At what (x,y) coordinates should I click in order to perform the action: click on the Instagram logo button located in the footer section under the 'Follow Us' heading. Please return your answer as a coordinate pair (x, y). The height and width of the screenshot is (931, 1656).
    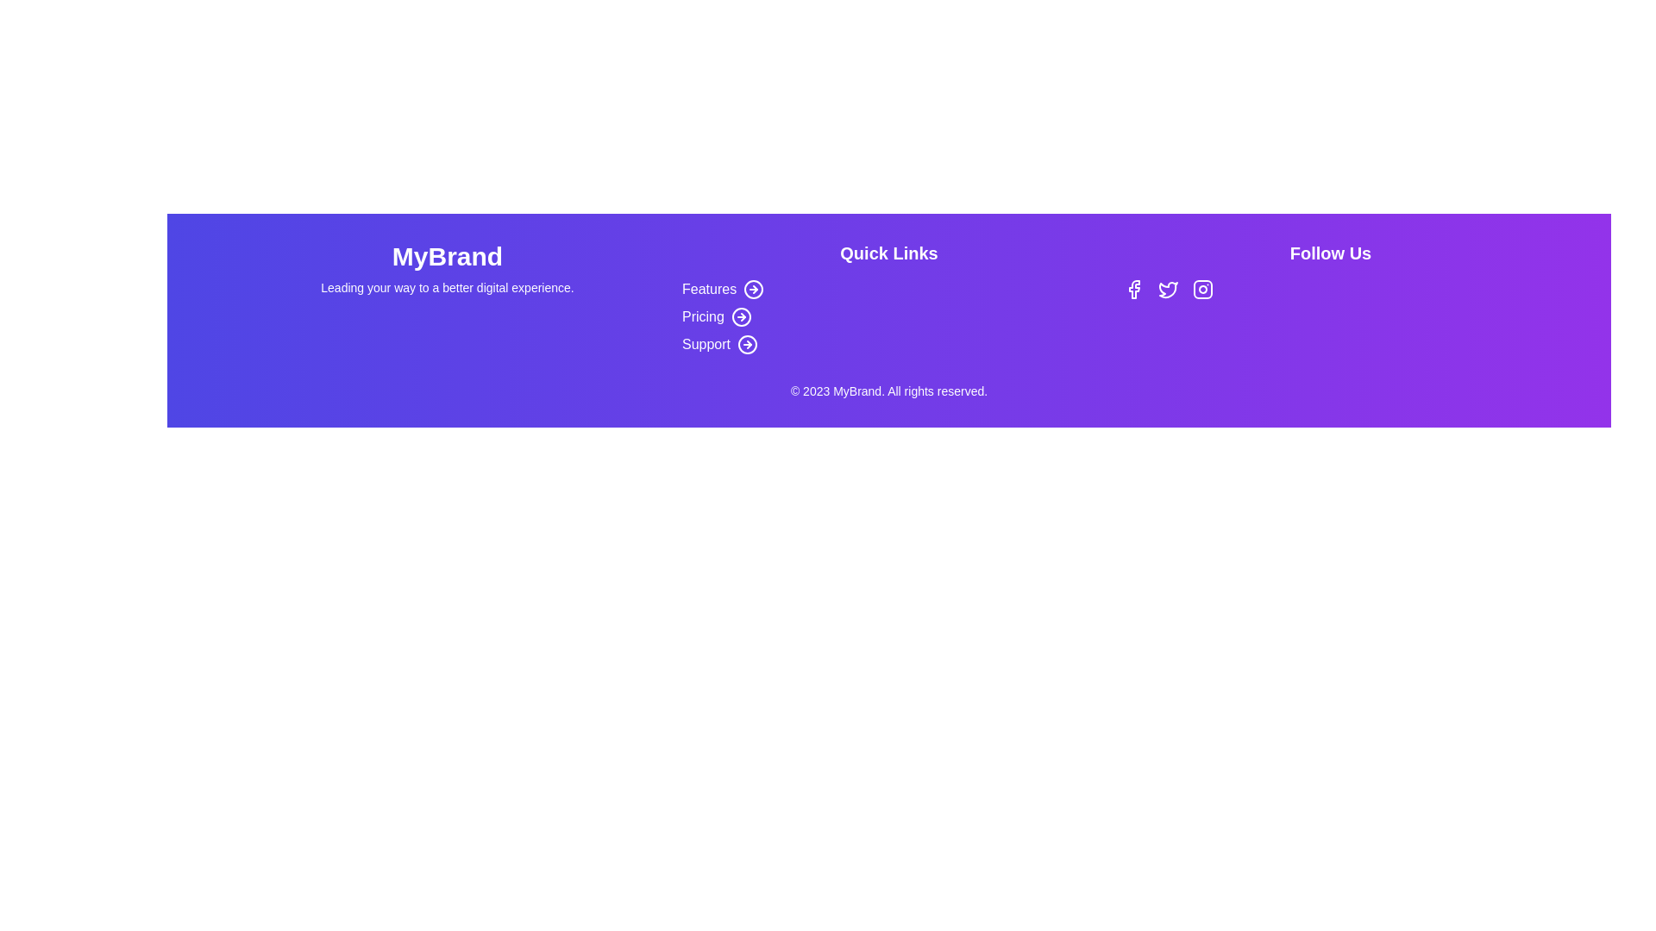
    Looking at the image, I should click on (1202, 288).